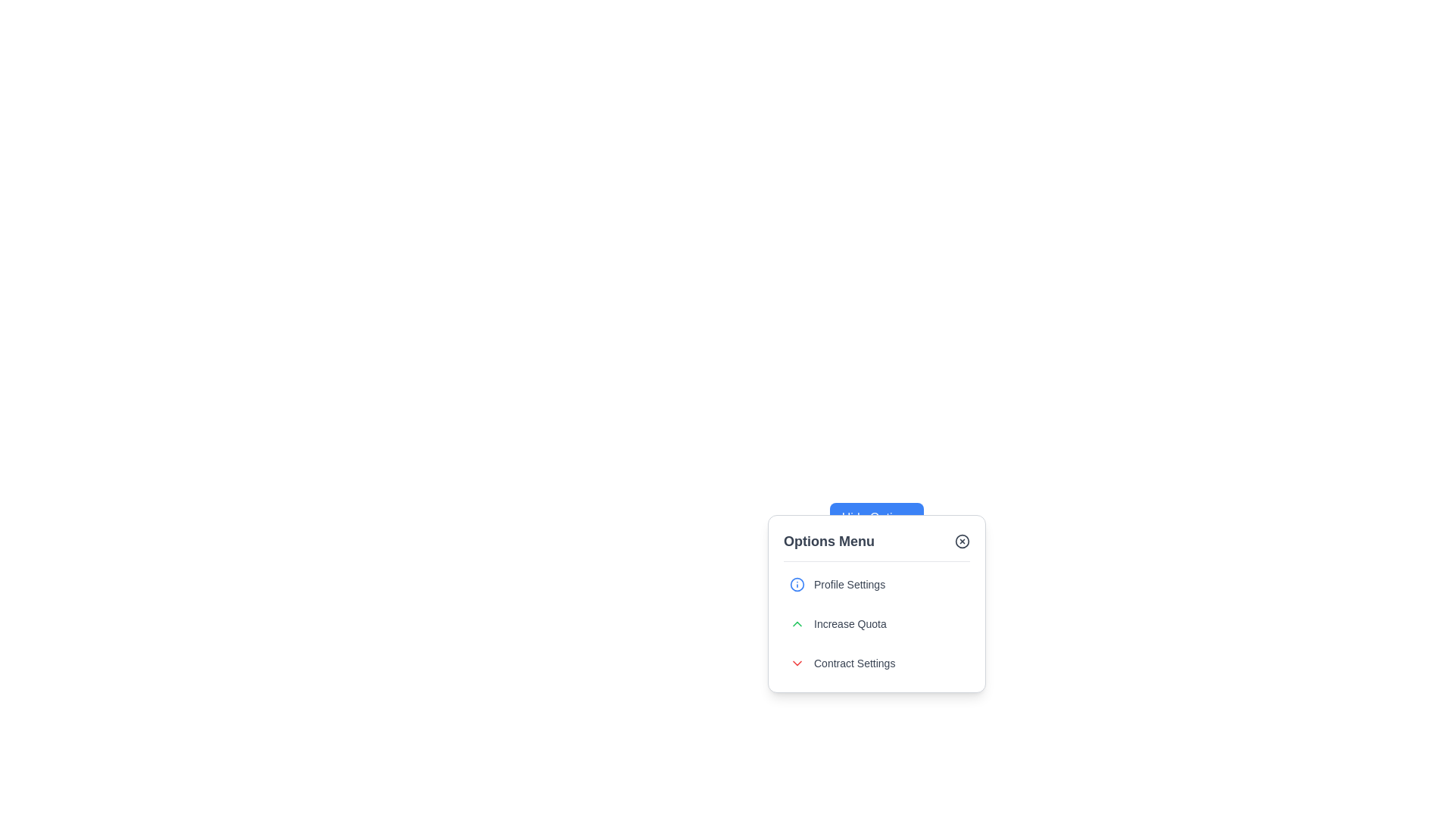 Image resolution: width=1454 pixels, height=818 pixels. I want to click on the 'Increase Quota' label text element, which is styled with medium-sized gray font and located in the dropdown menu between 'Profile Settings' and 'Contract Settings', so click(850, 624).